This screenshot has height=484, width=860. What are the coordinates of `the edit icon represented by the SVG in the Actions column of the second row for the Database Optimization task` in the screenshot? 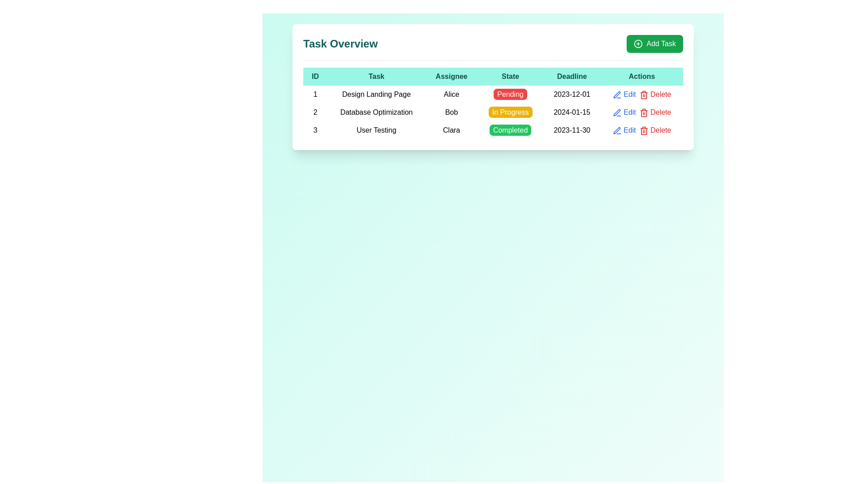 It's located at (616, 112).